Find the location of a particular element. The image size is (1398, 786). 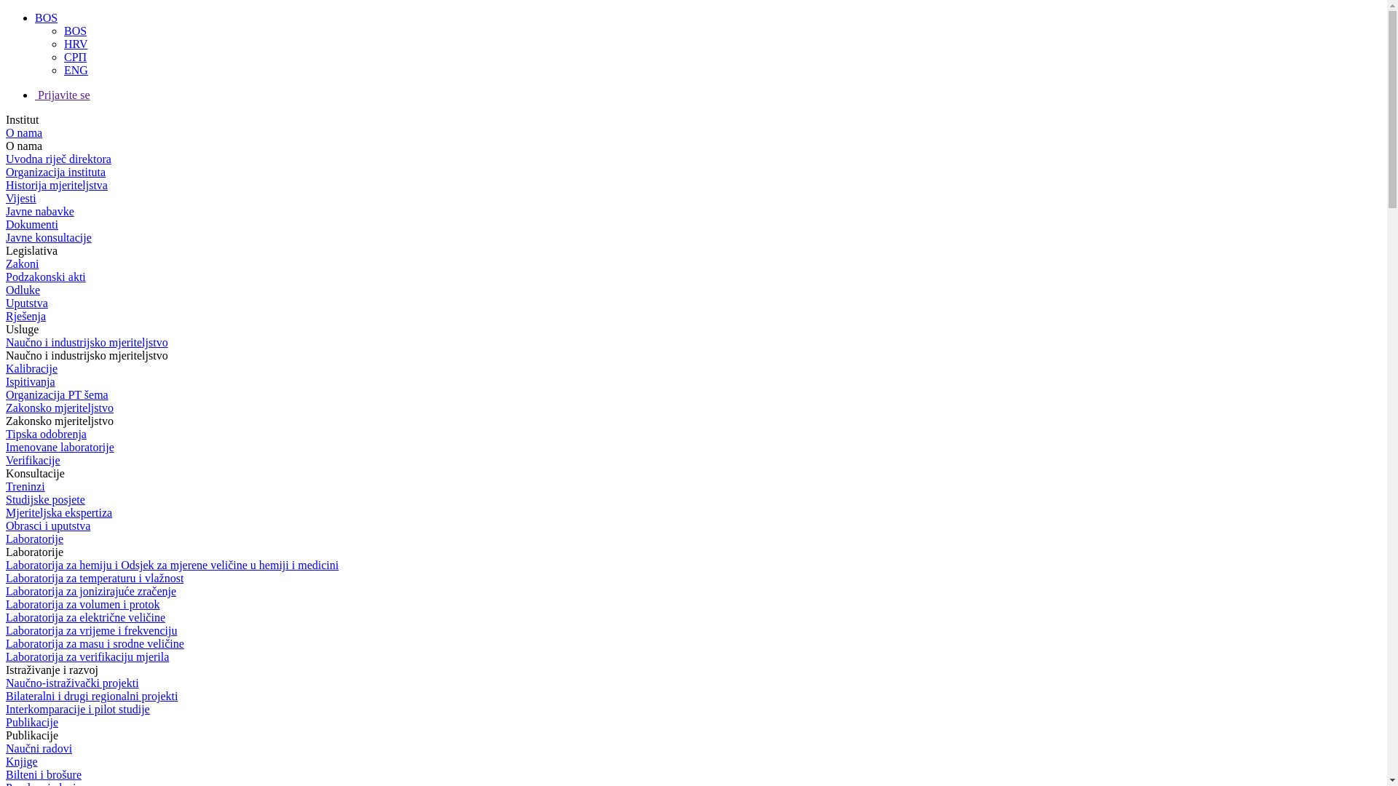

'Javne konsultacije' is located at coordinates (49, 237).